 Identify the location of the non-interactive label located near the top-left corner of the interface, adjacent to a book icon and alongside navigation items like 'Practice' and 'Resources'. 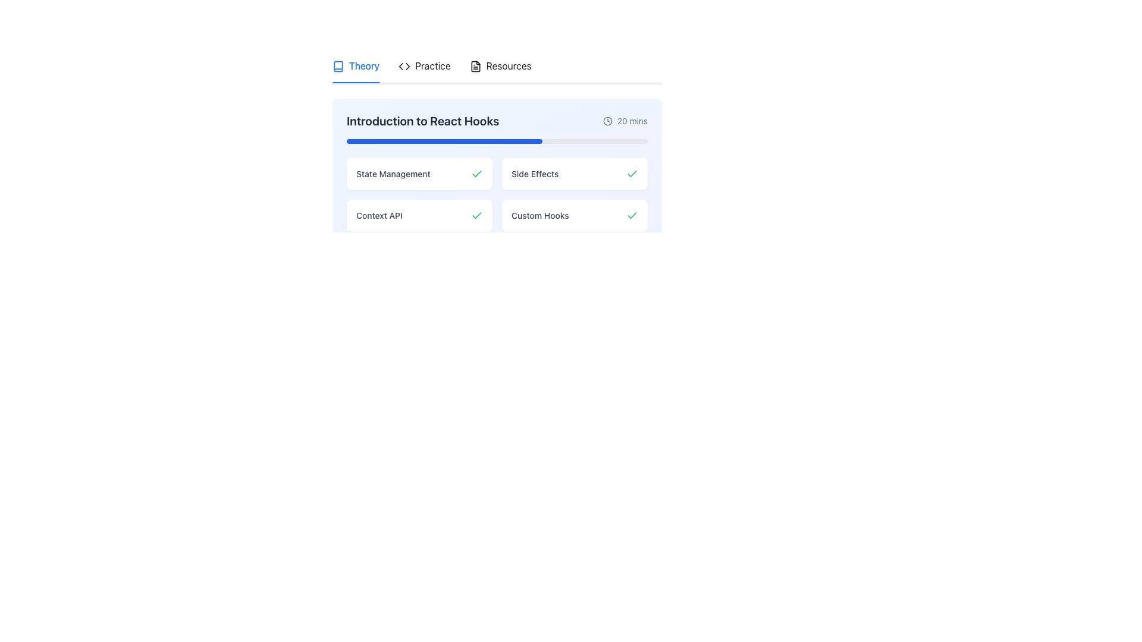
(363, 66).